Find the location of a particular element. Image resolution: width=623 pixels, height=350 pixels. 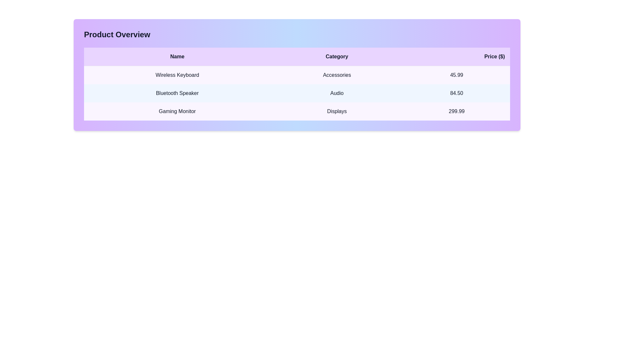

the text element displaying 'Accessories' in the second cell of the 'Wireless Keyboard' row, located in the 'Category' column of the table is located at coordinates (337, 75).